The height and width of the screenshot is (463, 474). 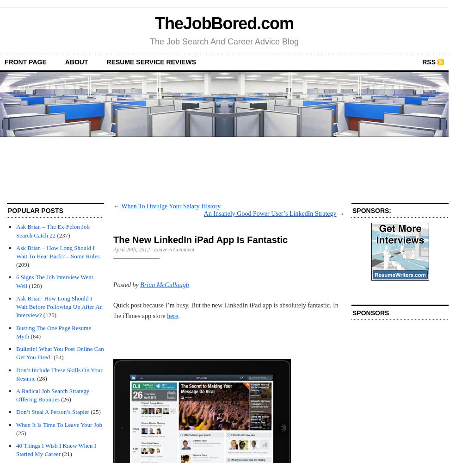 I want to click on 'RSS', so click(x=428, y=62).